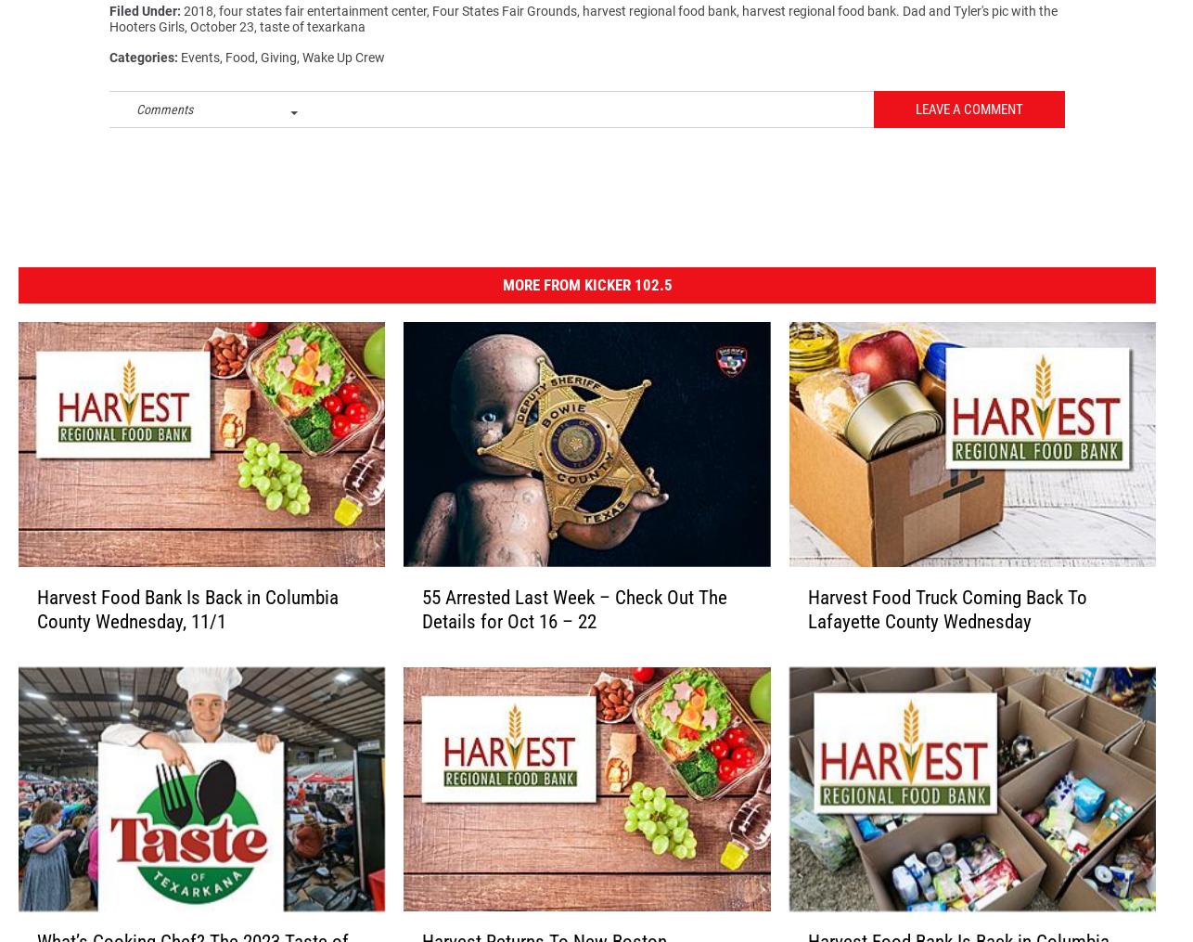  What do you see at coordinates (573, 617) in the screenshot?
I see `'55 Arrested Last Week – Check Out The Details for Oct 16 – 22'` at bounding box center [573, 617].